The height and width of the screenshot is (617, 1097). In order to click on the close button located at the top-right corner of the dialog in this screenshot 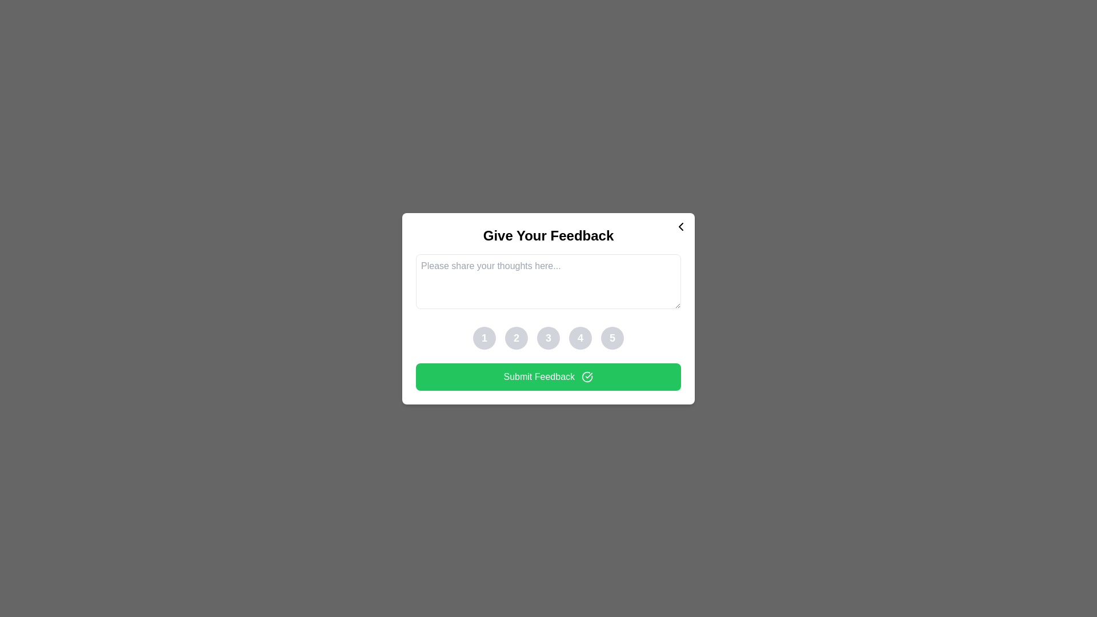, I will do `click(680, 226)`.